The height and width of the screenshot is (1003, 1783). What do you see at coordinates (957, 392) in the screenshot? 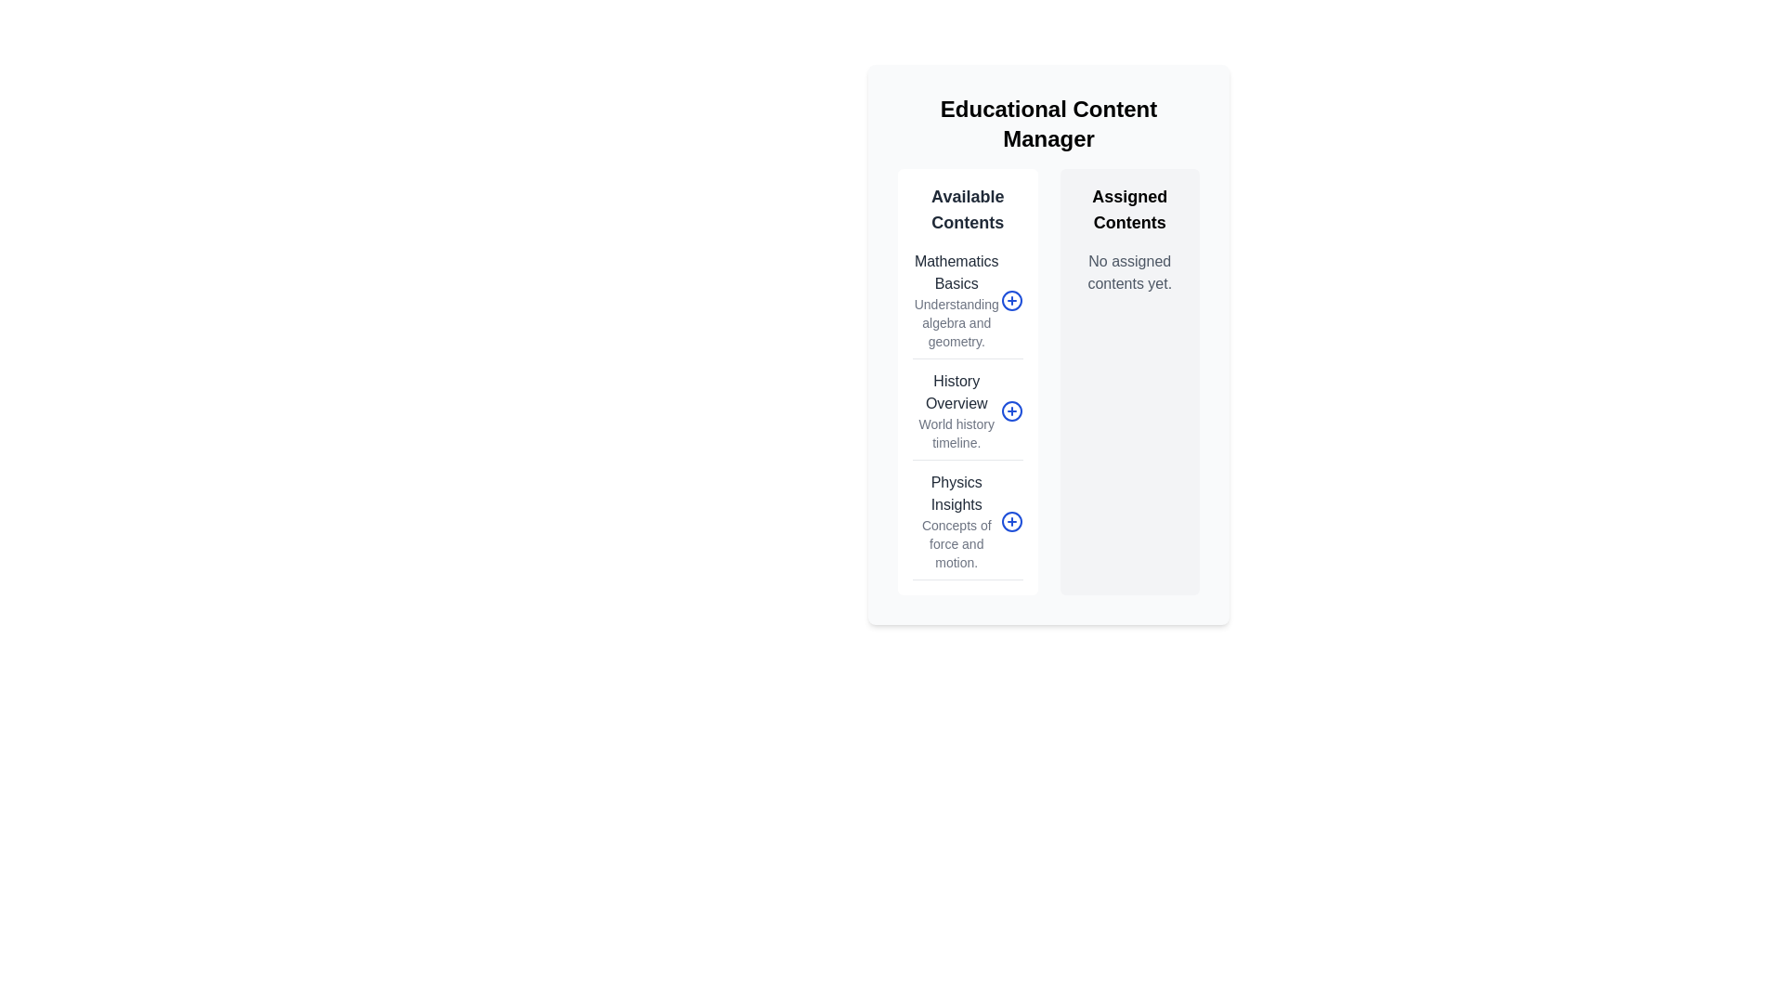
I see `the static text element labeled 'History Overview', which is located under the heading 'Available Contents' in the left section of the interface` at bounding box center [957, 392].